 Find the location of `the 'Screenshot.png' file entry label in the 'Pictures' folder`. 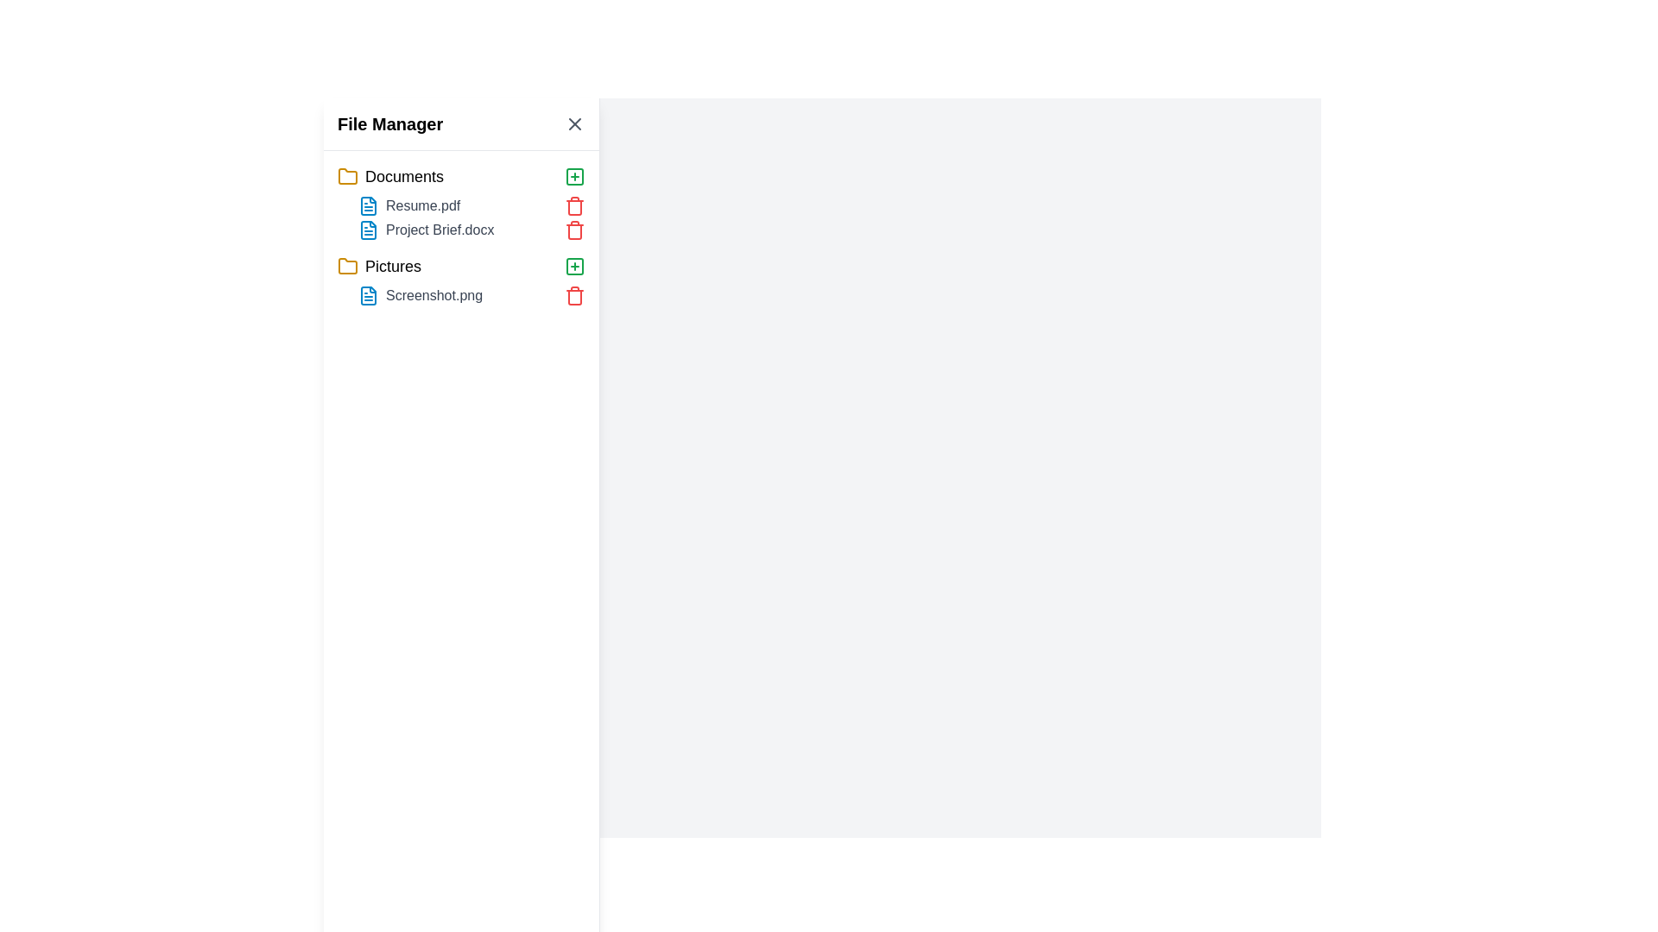

the 'Screenshot.png' file entry label in the 'Pictures' folder is located at coordinates (471, 295).